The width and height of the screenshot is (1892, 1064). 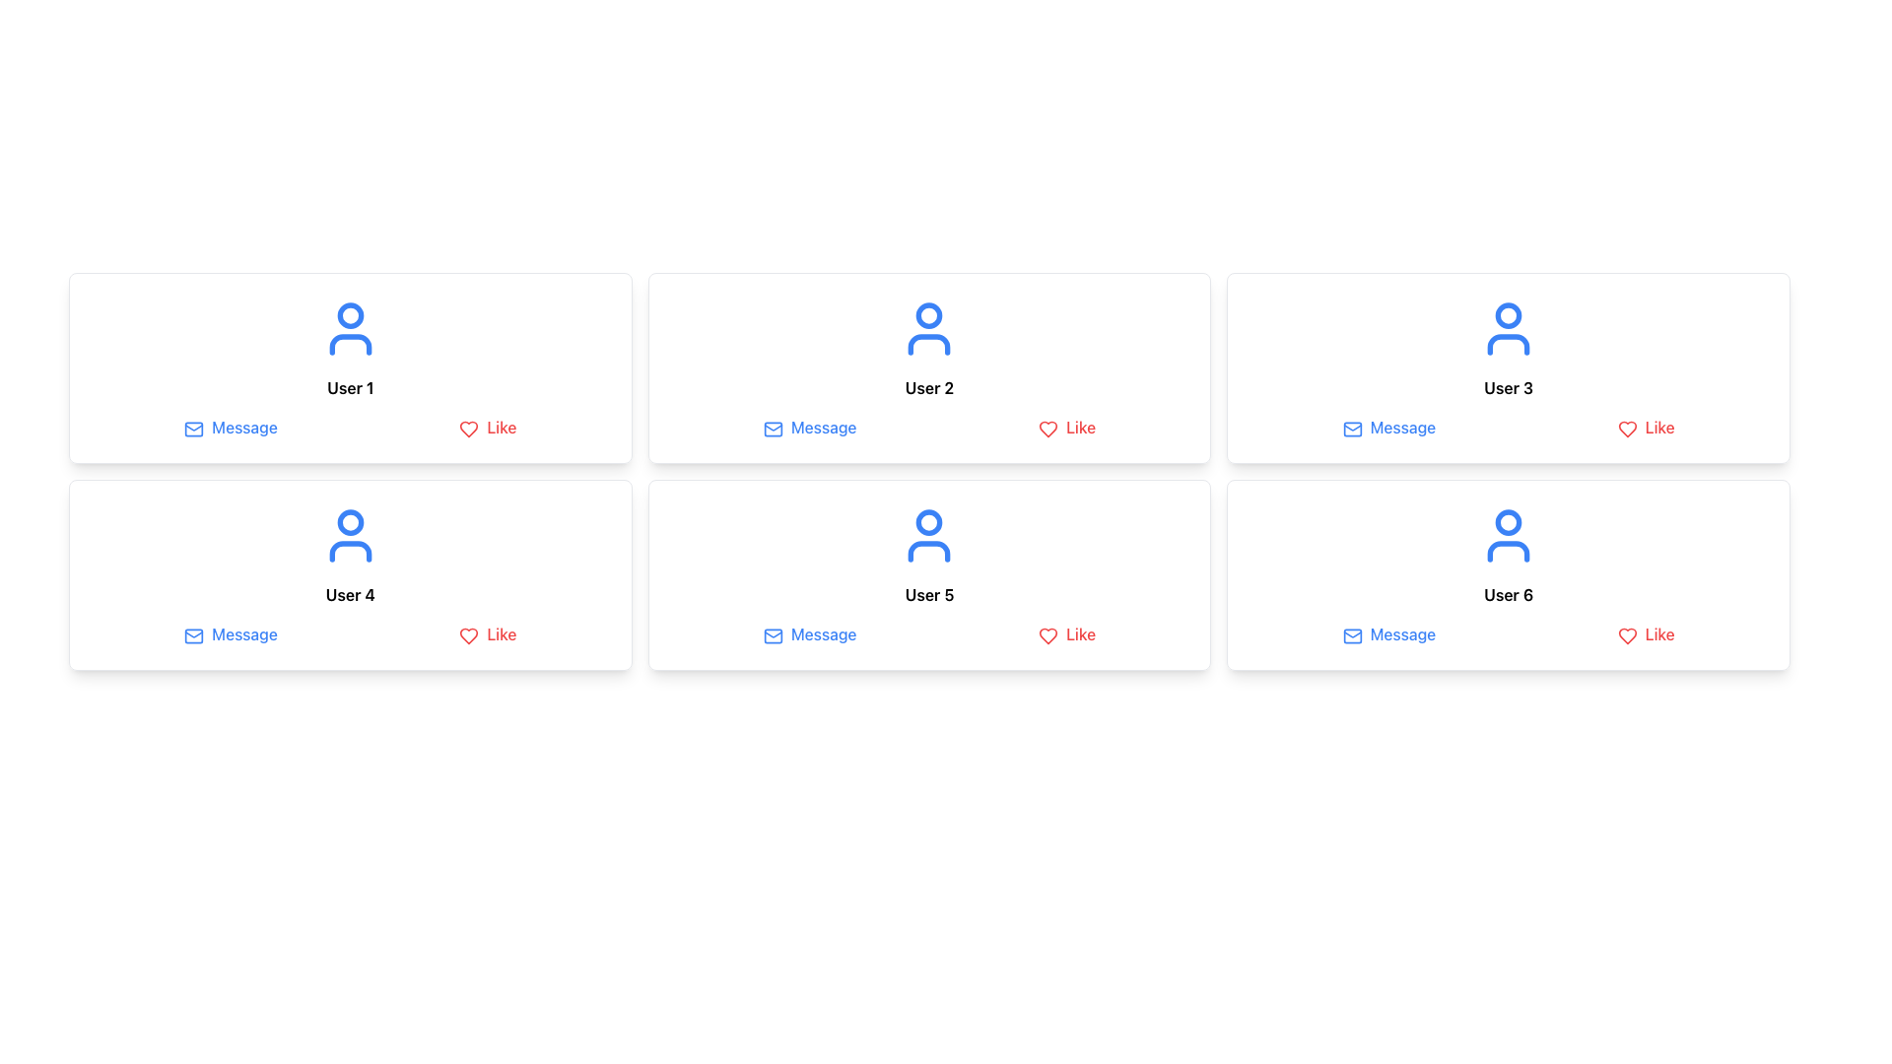 What do you see at coordinates (1066, 427) in the screenshot?
I see `the 'Like' button, which is a red button with a heart icon, located in the second cell of the first row associated with 'User 2'` at bounding box center [1066, 427].